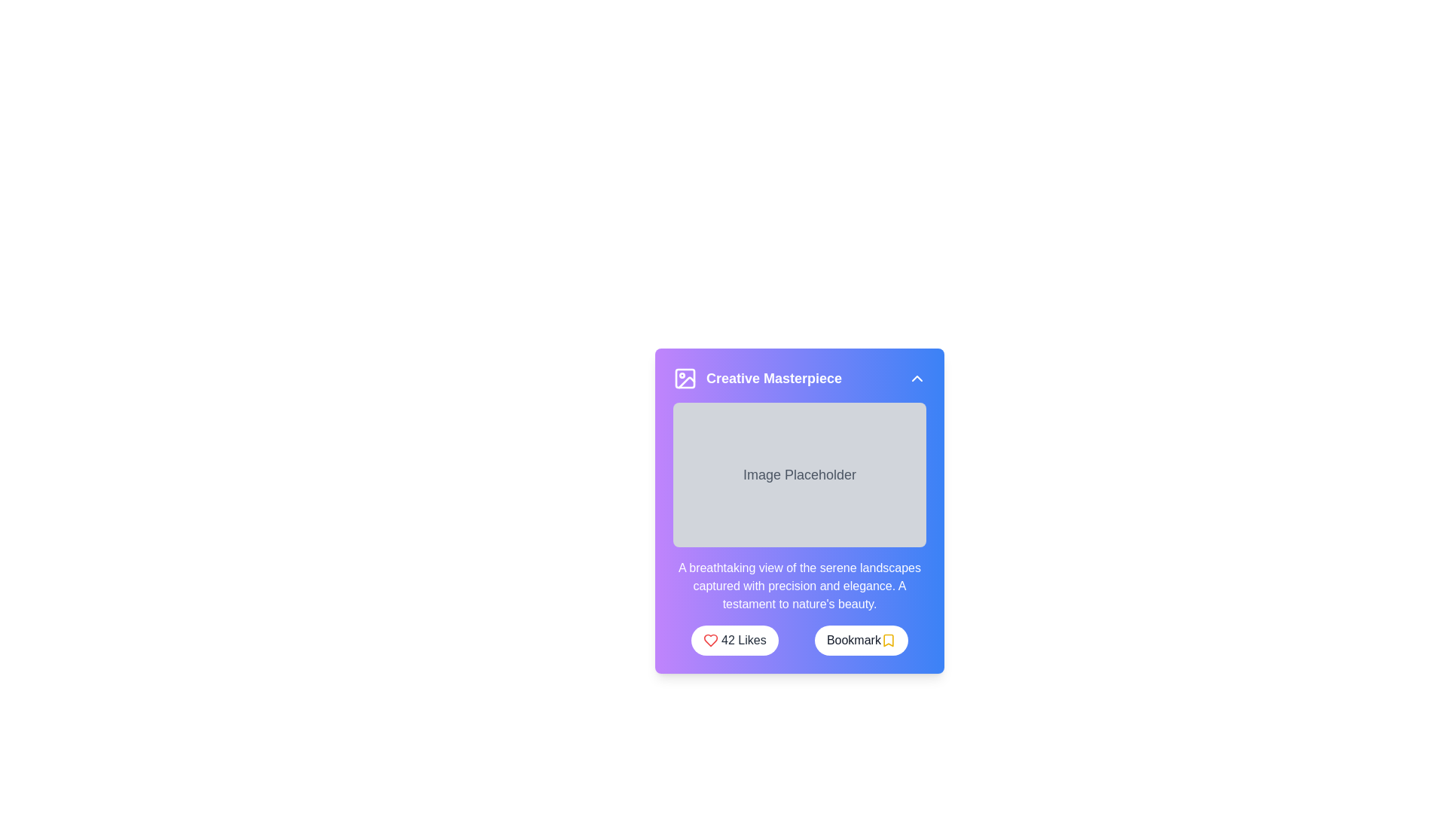  What do you see at coordinates (798, 528) in the screenshot?
I see `the rectangular image placeholder with a gray background displaying 'Image Placeholder' from its current location` at bounding box center [798, 528].